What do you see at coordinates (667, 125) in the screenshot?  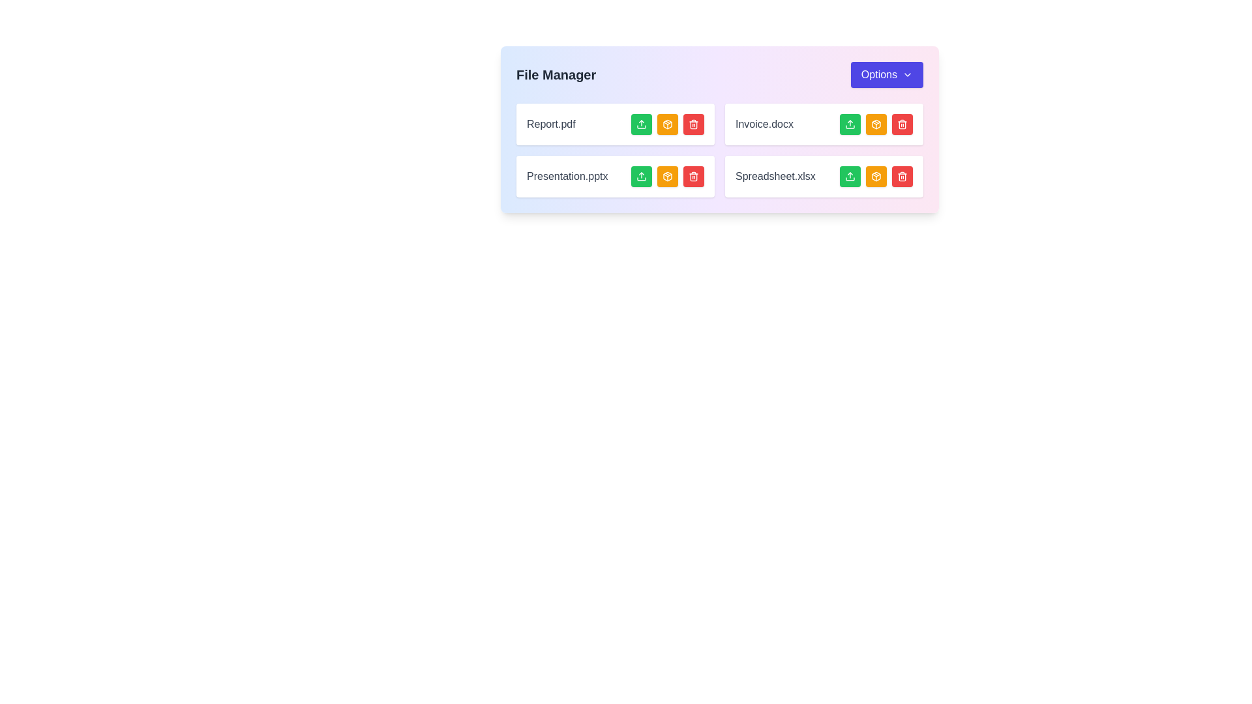 I see `the square-shaped amber button with a white box icon, located in the row for 'Report.pdf'` at bounding box center [667, 125].